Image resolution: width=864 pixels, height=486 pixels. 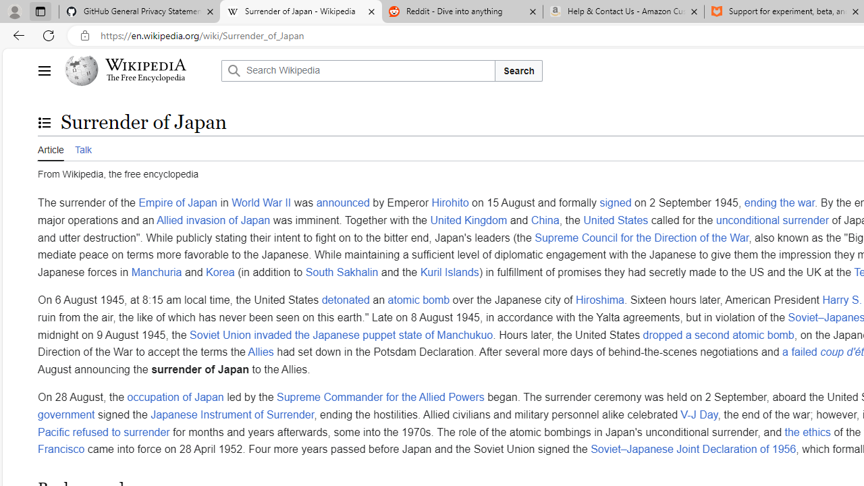 I want to click on 'Surrender of Japan - Wikipedia', so click(x=300, y=11).